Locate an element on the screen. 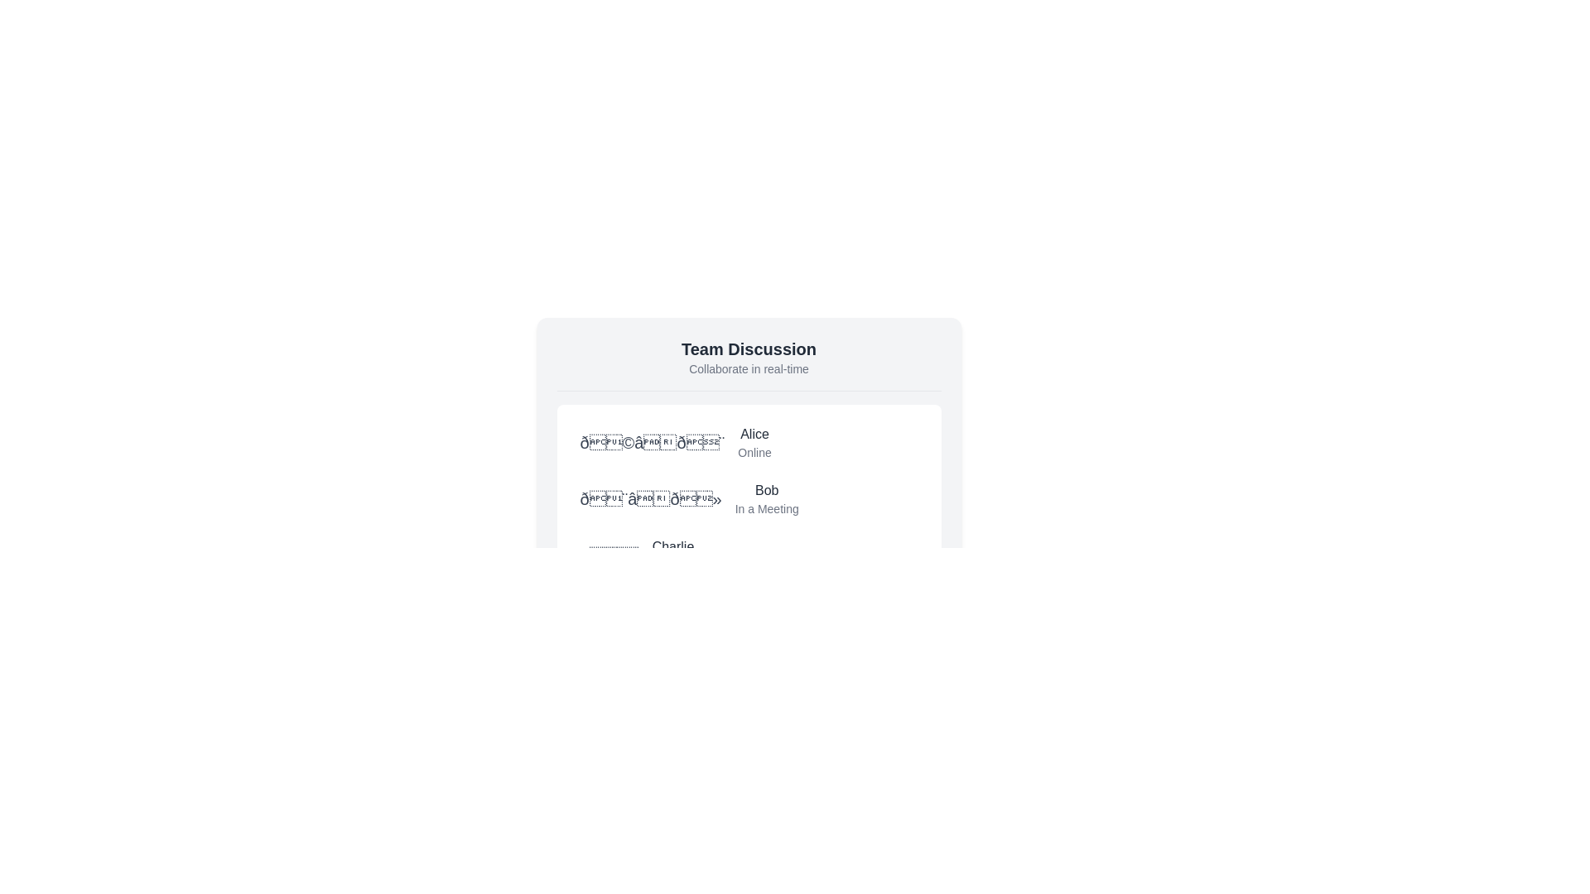 The image size is (1590, 894). the decorative icon representing the user, which is located to the left of the username 'Alice' and the status text 'Online' is located at coordinates (651, 442).